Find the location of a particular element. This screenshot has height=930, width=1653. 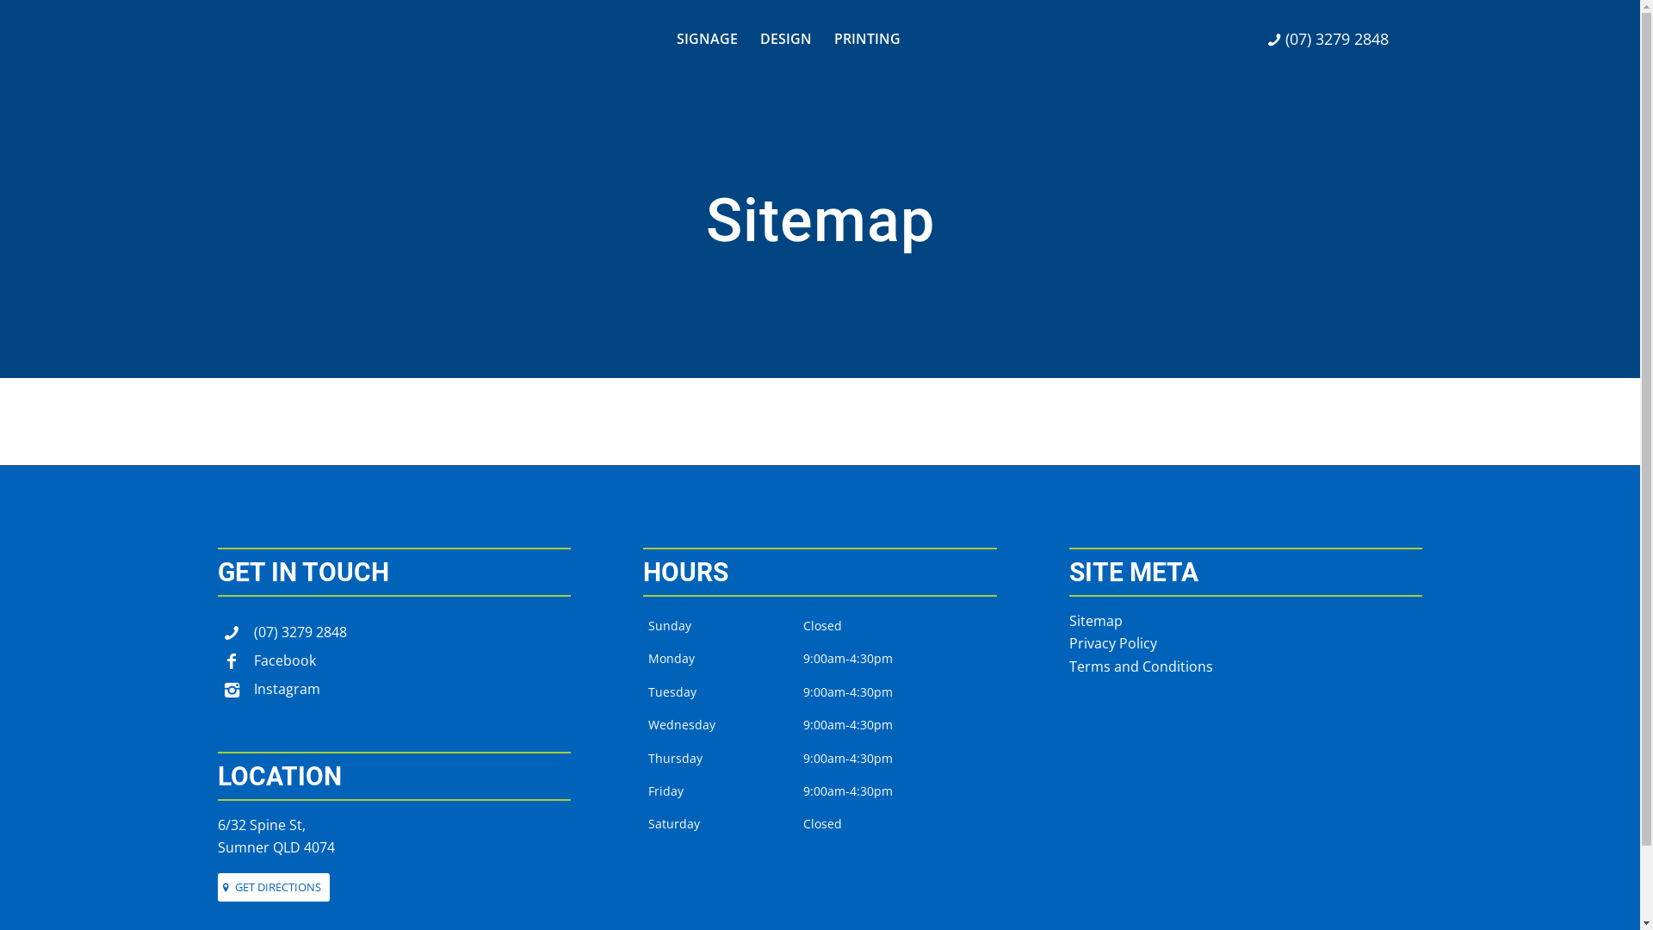

'(07) 3279 2848' is located at coordinates (230, 635).